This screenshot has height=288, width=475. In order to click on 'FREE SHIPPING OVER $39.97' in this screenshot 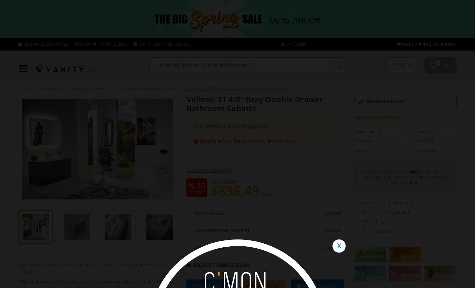, I will do `click(428, 44)`.